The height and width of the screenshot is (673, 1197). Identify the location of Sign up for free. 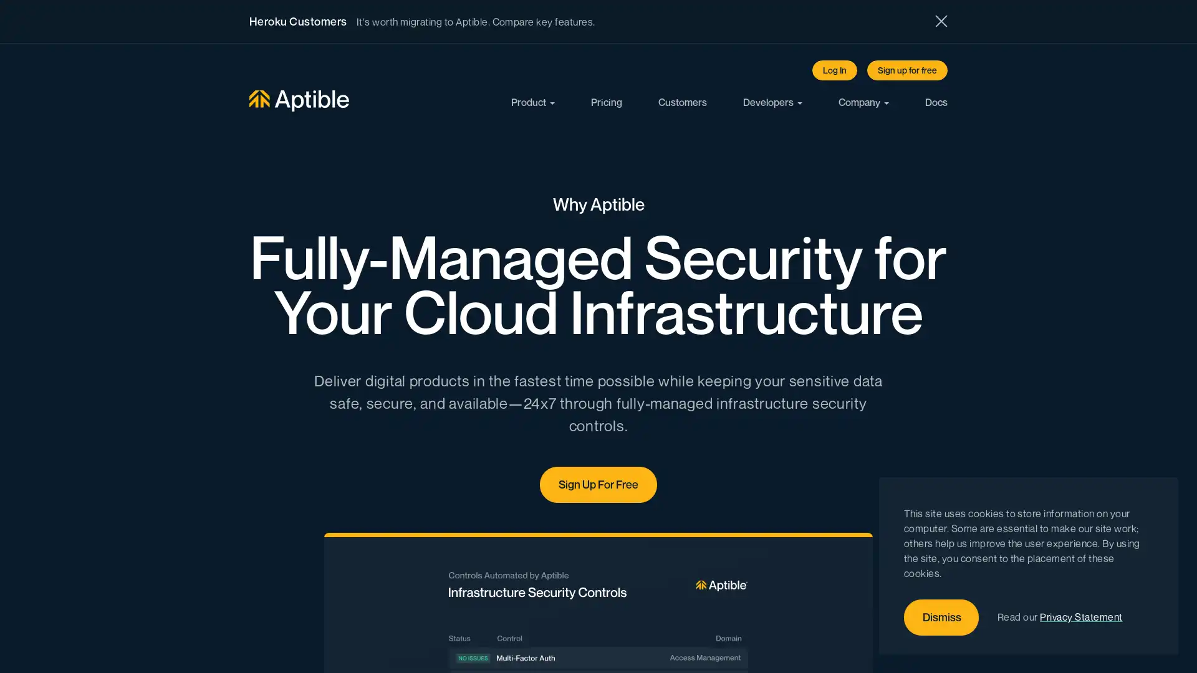
(907, 70).